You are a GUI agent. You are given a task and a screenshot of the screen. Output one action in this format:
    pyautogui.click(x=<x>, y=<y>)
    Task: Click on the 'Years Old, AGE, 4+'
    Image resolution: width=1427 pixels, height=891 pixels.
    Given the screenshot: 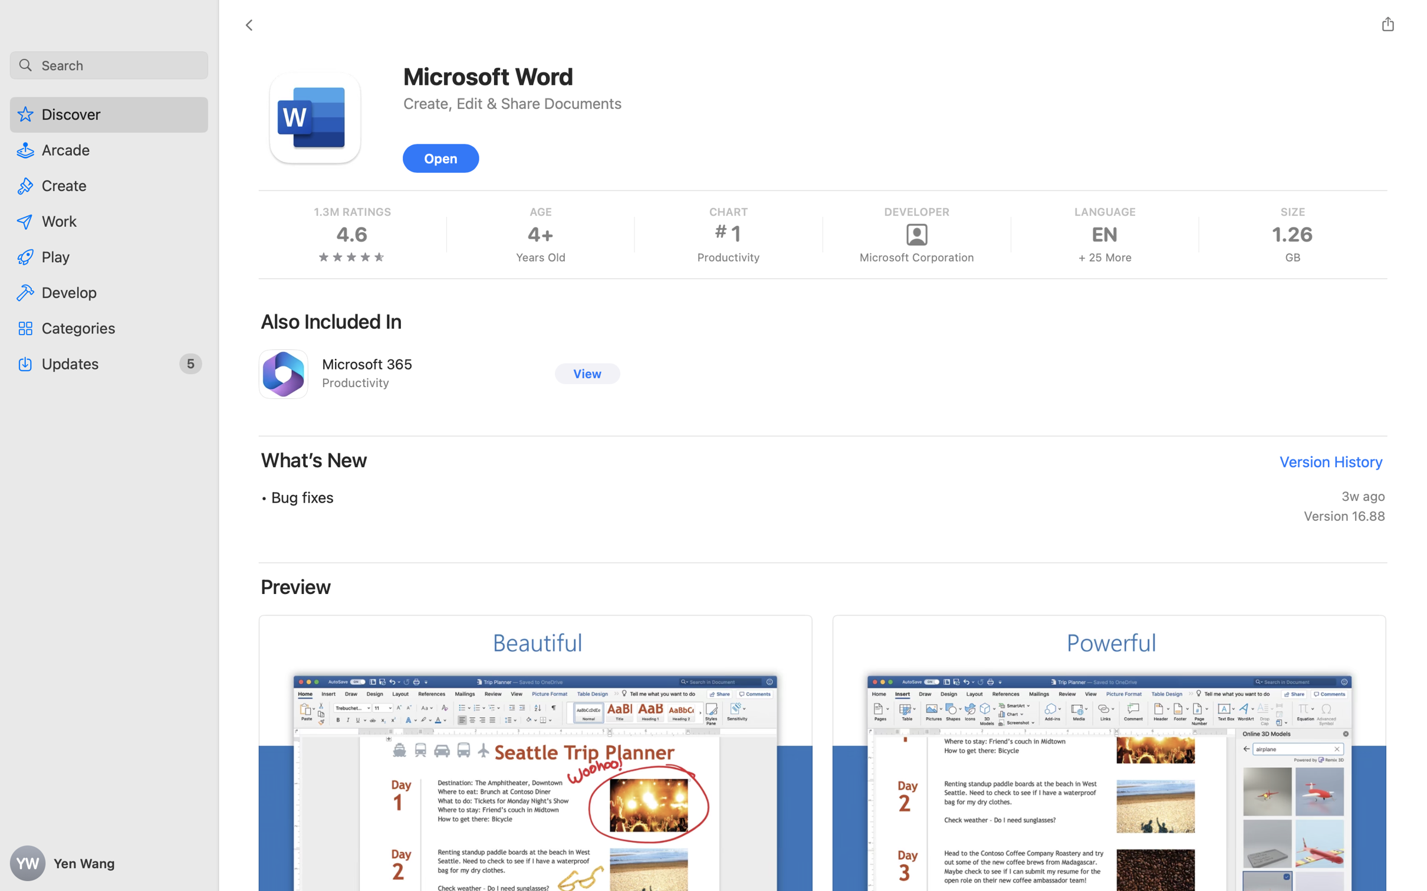 What is the action you would take?
    pyautogui.click(x=540, y=233)
    